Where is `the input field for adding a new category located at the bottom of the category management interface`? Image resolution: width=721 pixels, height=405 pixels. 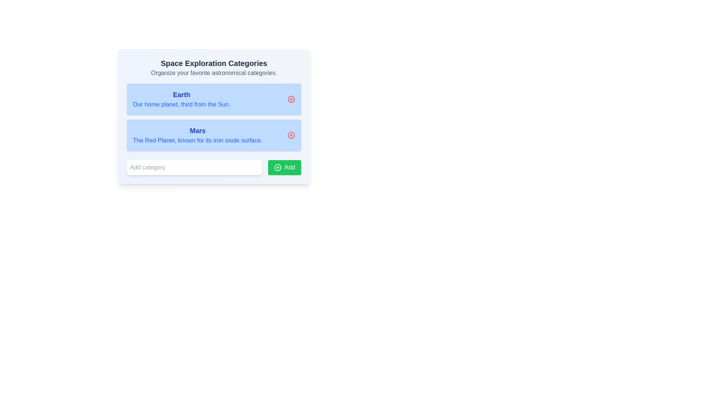 the input field for adding a new category located at the bottom of the category management interface is located at coordinates (214, 167).